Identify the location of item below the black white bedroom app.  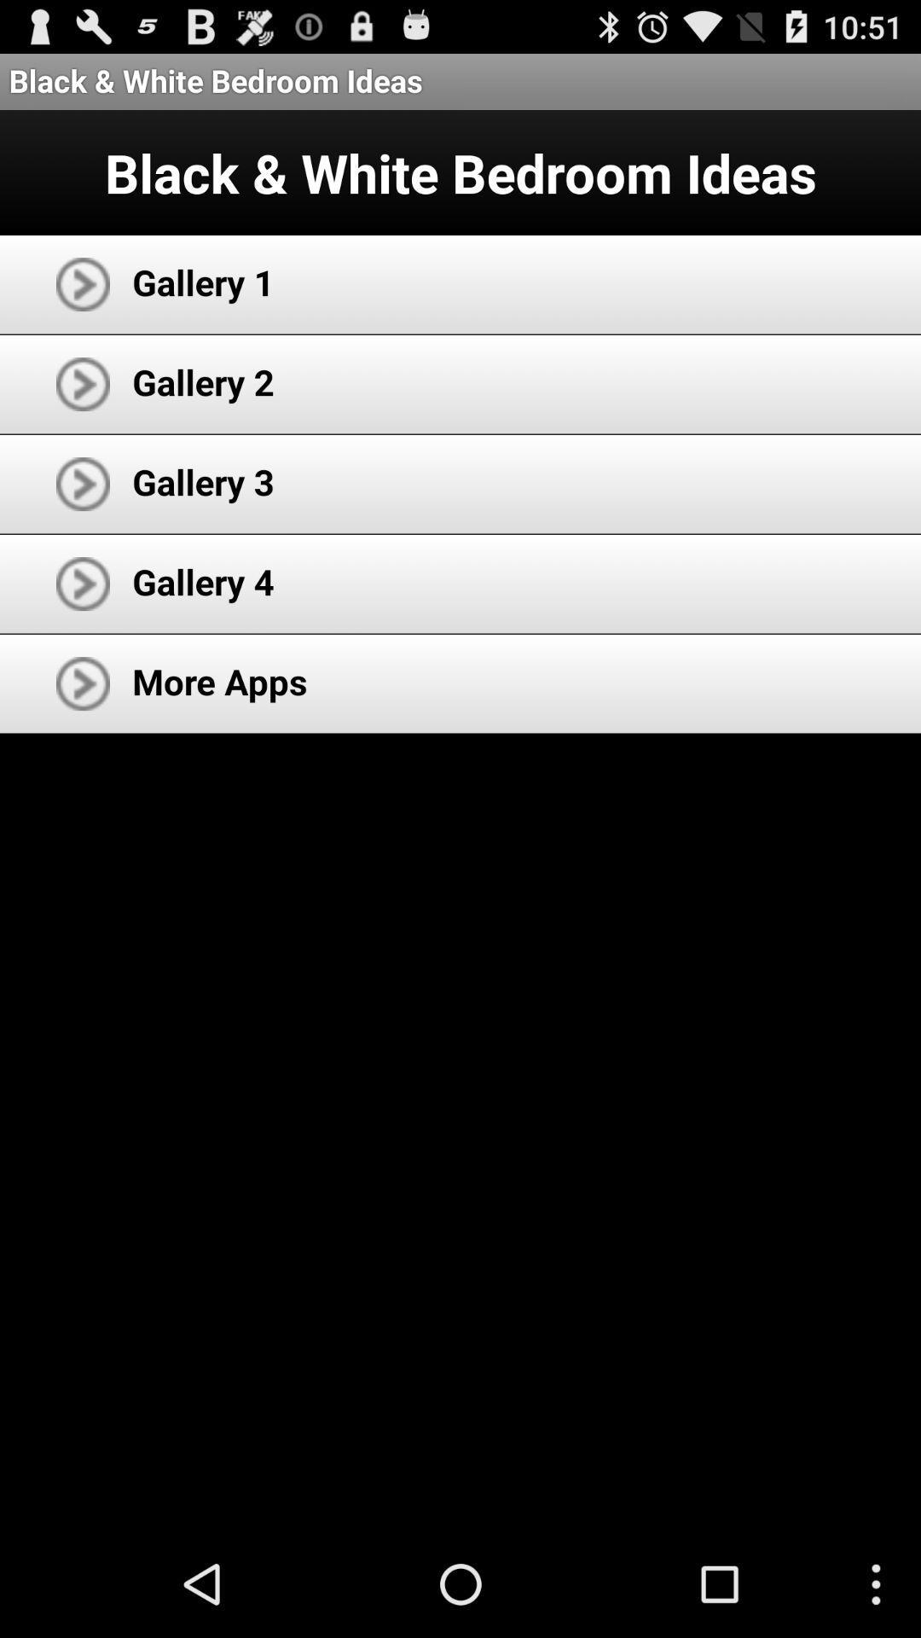
(202, 282).